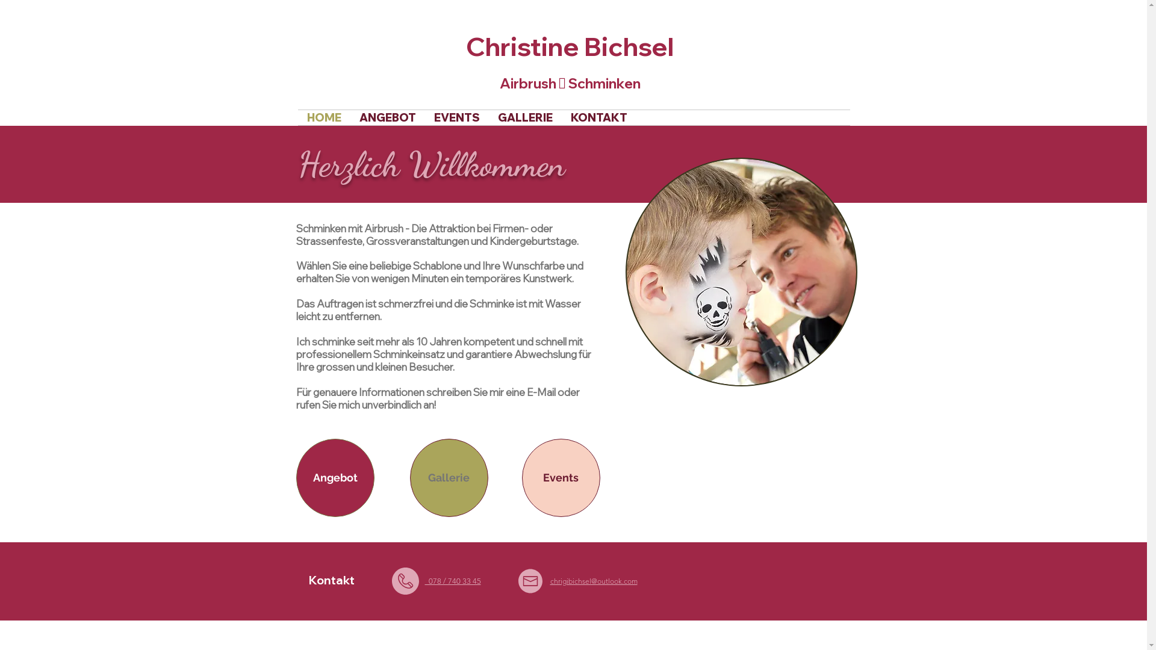  Describe the element at coordinates (349, 117) in the screenshot. I see `'ANGEBOT'` at that location.